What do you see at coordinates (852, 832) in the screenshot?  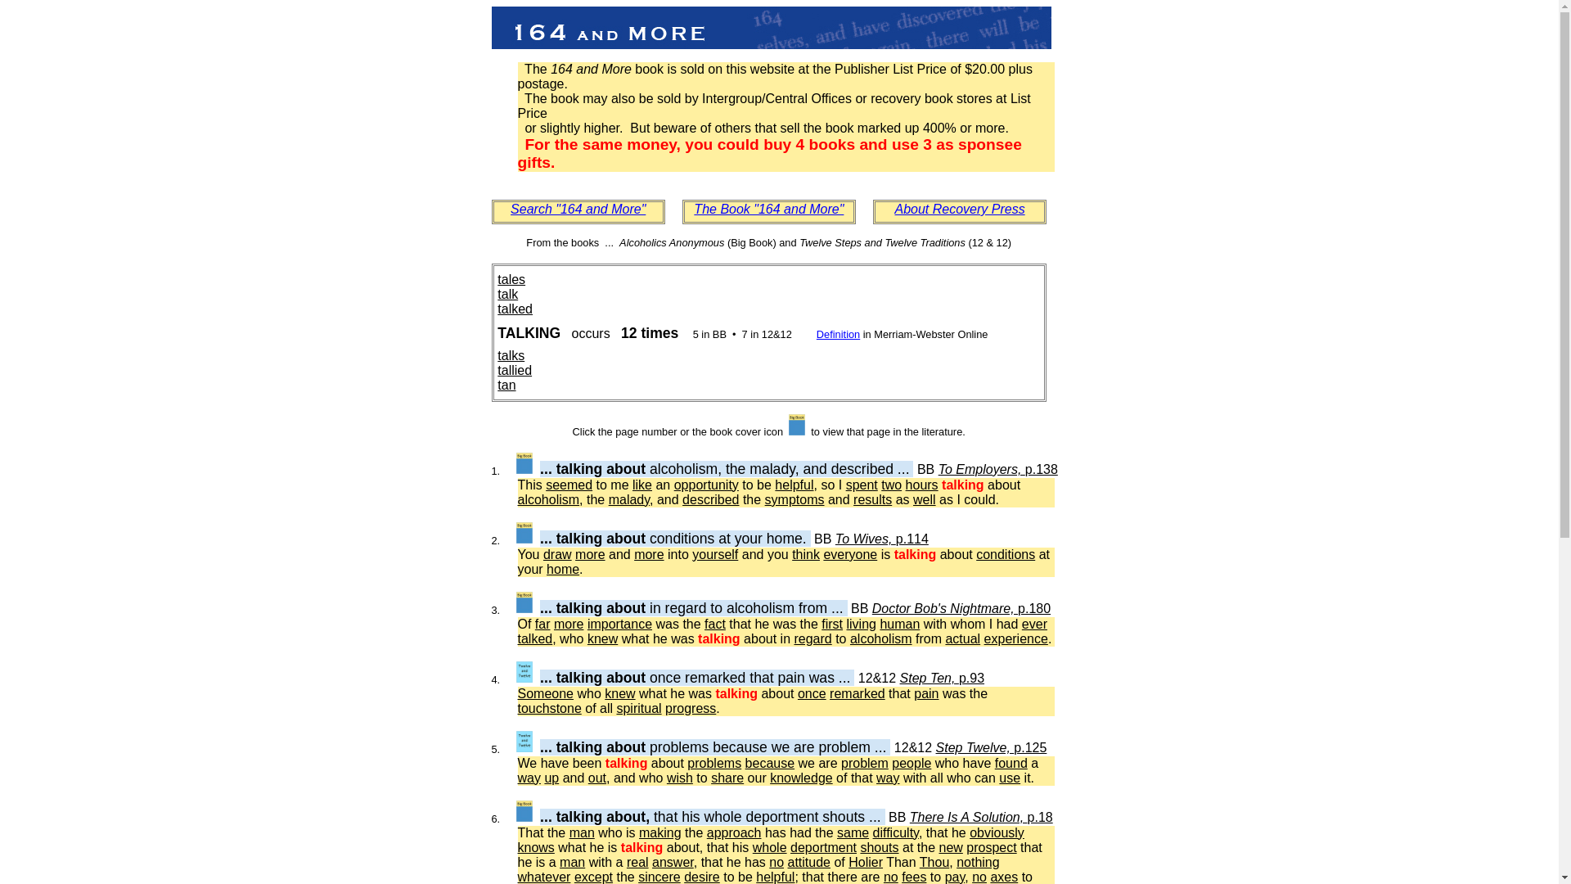 I see `'same'` at bounding box center [852, 832].